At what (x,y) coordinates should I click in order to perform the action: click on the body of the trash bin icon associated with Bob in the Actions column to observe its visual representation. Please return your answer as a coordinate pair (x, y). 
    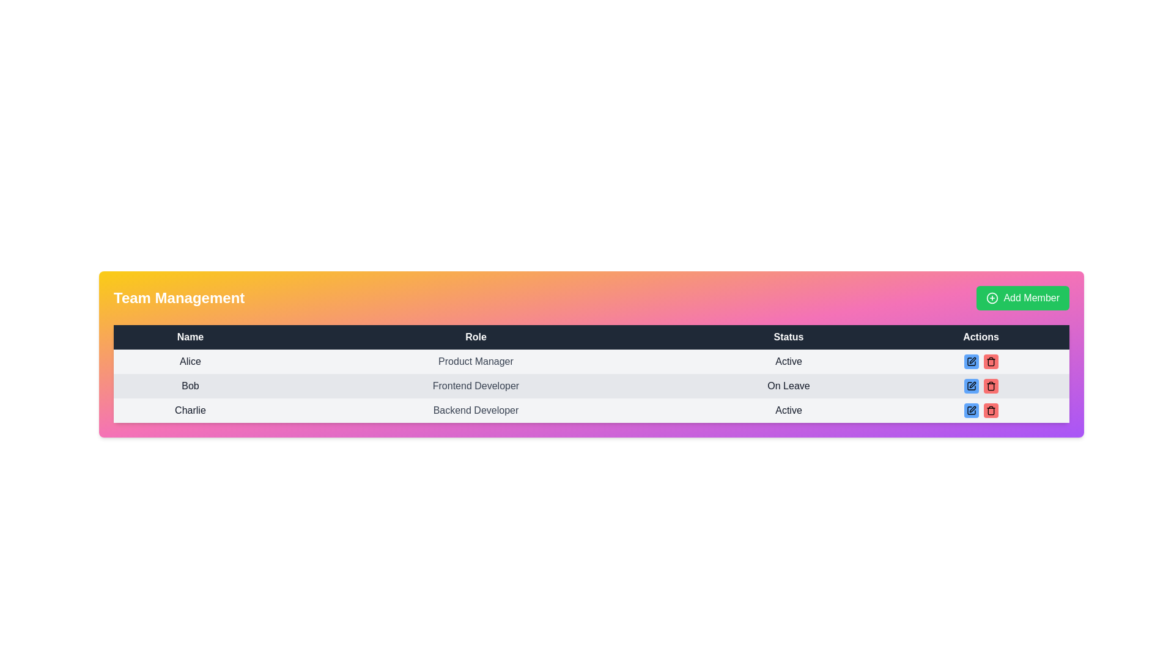
    Looking at the image, I should click on (991, 411).